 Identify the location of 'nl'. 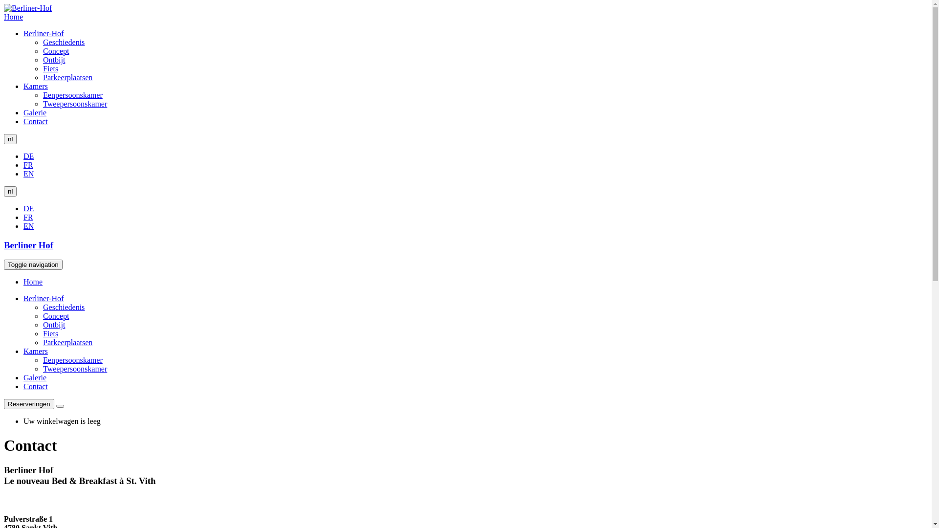
(10, 139).